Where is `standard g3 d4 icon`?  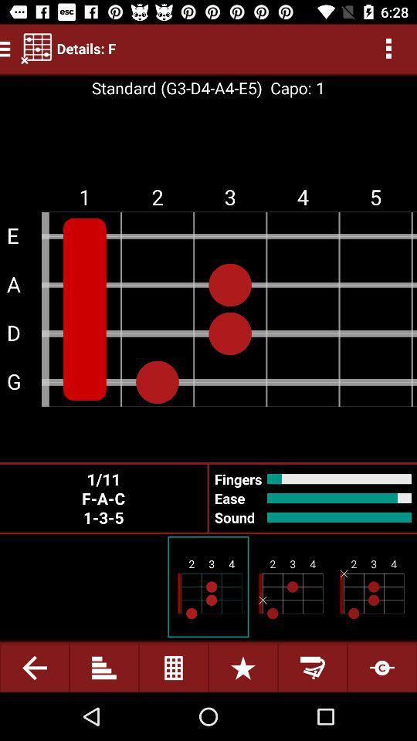
standard g3 d4 icon is located at coordinates (176, 88).